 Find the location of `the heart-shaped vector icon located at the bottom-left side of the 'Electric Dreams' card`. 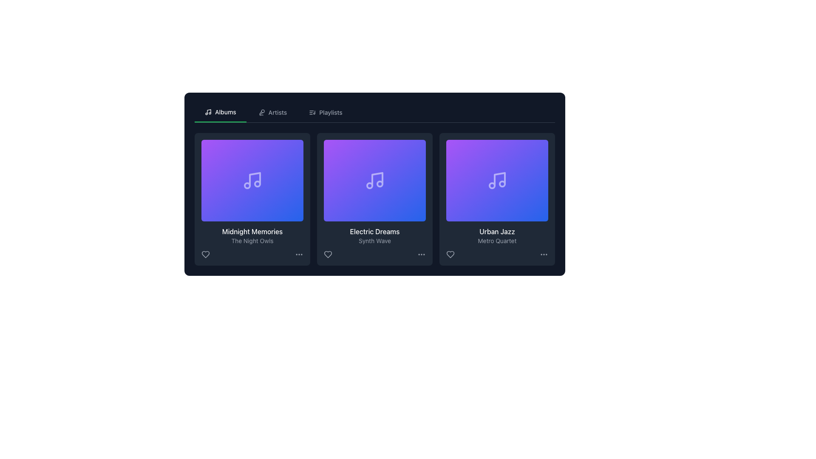

the heart-shaped vector icon located at the bottom-left side of the 'Electric Dreams' card is located at coordinates (328, 254).